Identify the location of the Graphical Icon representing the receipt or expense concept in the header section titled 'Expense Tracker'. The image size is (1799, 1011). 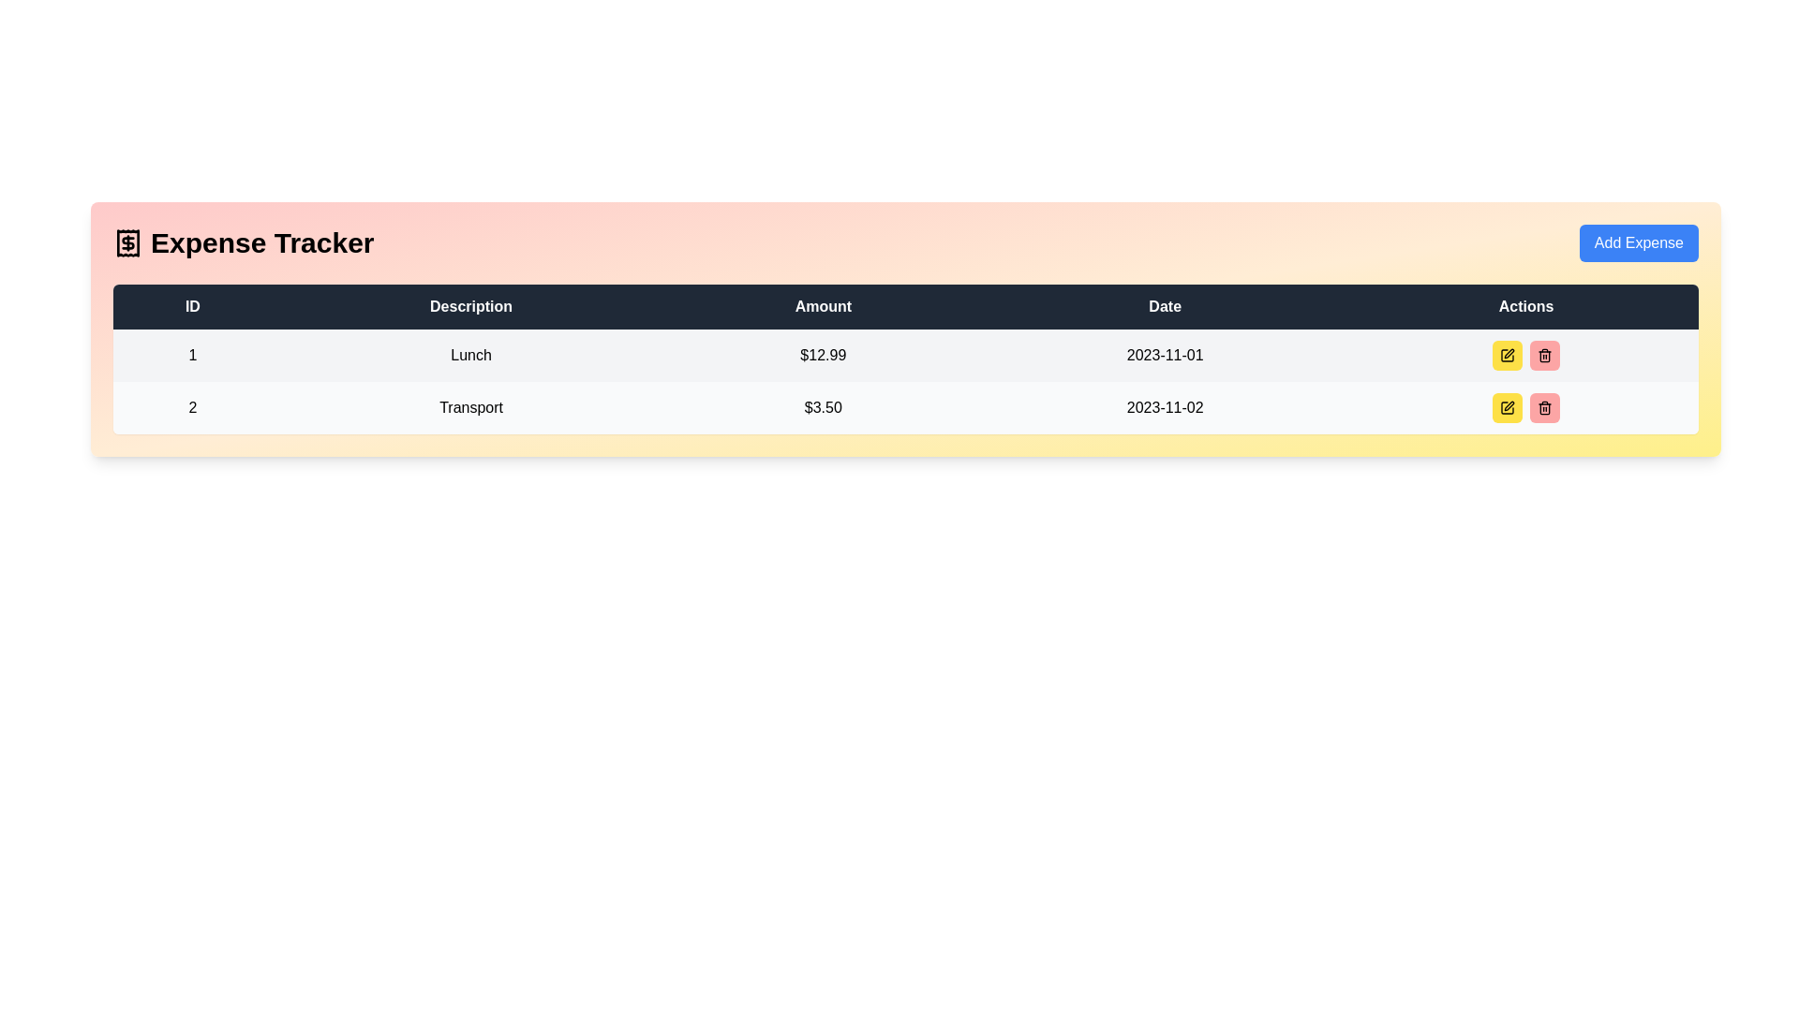
(127, 242).